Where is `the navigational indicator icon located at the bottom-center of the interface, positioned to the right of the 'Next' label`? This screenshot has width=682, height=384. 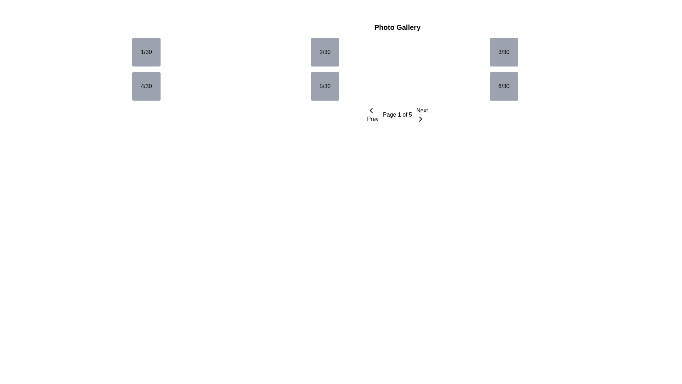
the navigational indicator icon located at the bottom-center of the interface, positioned to the right of the 'Next' label is located at coordinates (420, 119).